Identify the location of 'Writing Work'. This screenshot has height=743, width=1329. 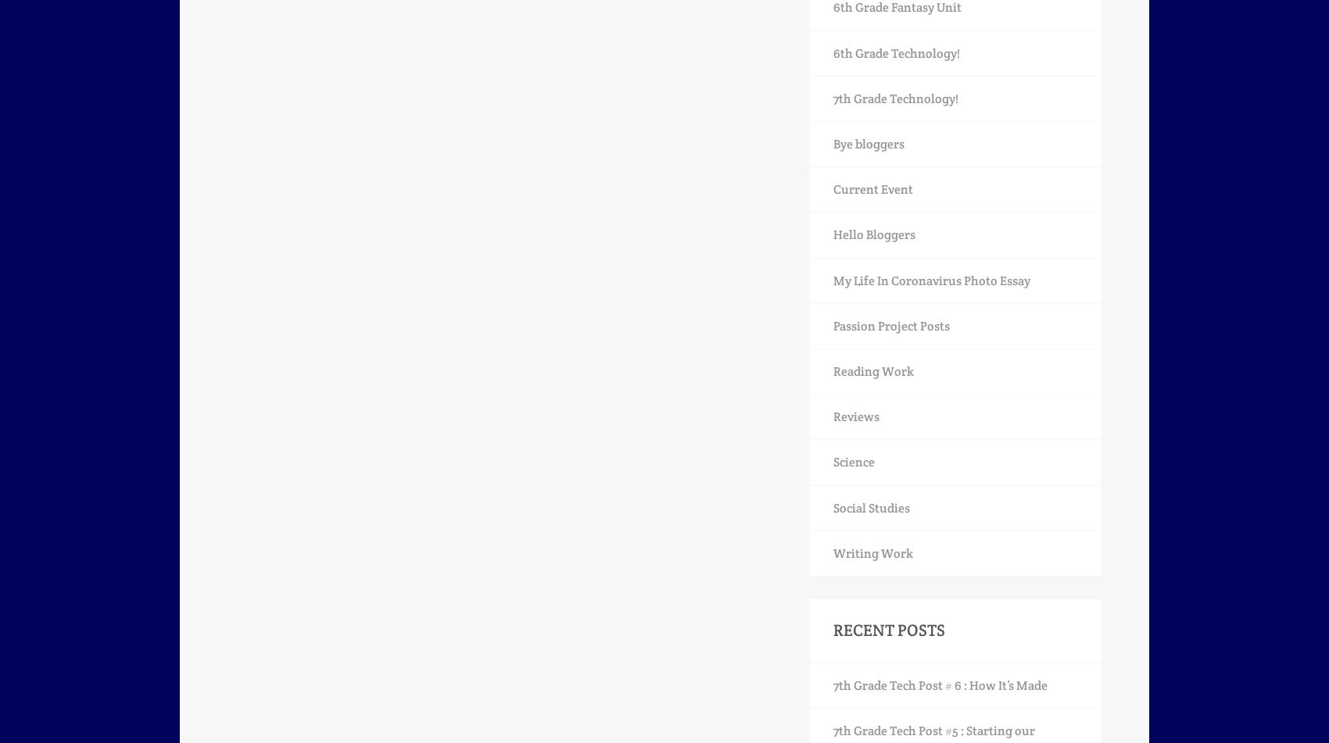
(873, 552).